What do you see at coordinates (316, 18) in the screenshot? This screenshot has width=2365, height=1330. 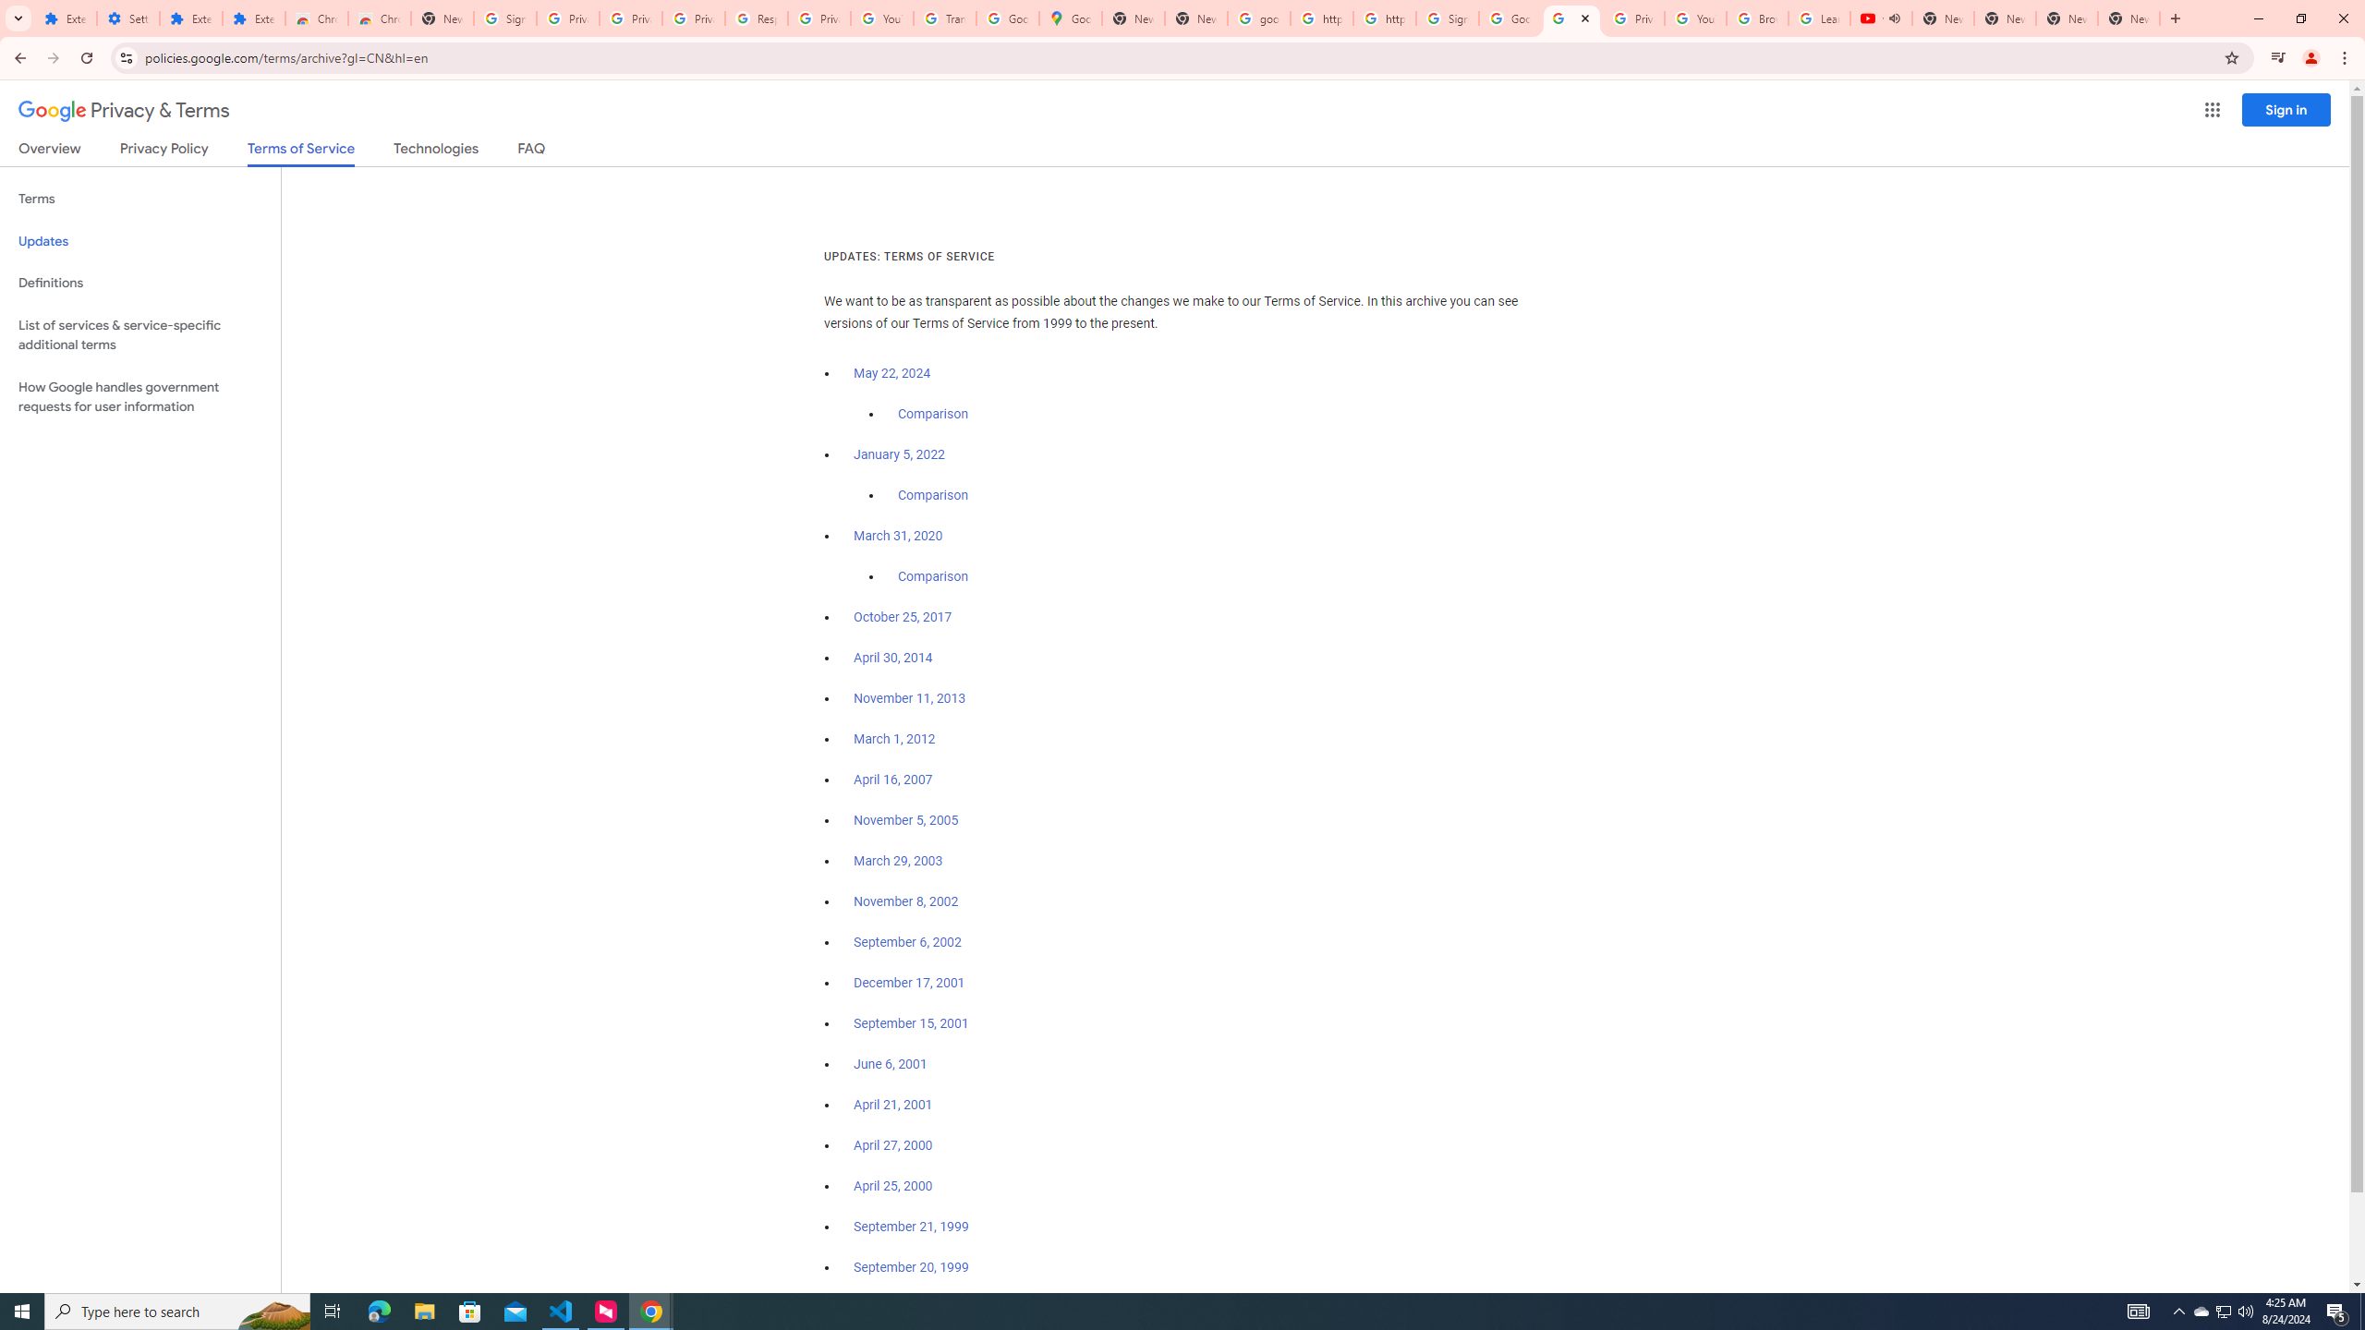 I see `'Chrome Web Store'` at bounding box center [316, 18].